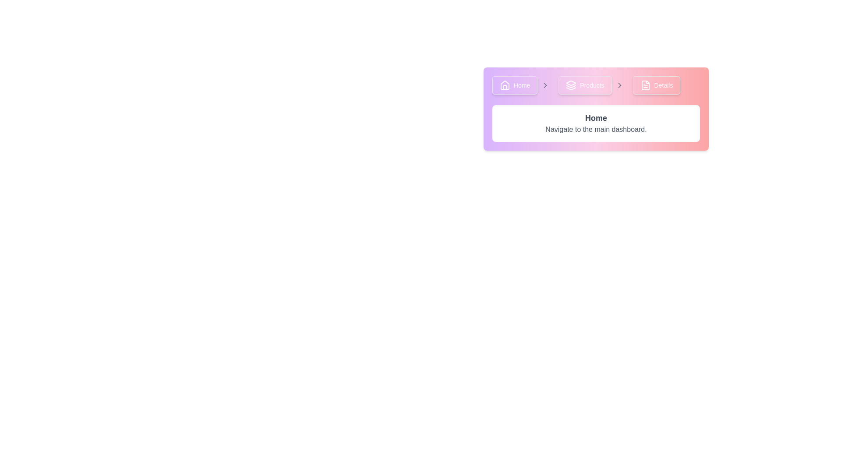 Image resolution: width=841 pixels, height=473 pixels. What do you see at coordinates (585, 85) in the screenshot?
I see `the 'Products' button, which is styled with rounded corners and has a white background with gray text when inactive` at bounding box center [585, 85].